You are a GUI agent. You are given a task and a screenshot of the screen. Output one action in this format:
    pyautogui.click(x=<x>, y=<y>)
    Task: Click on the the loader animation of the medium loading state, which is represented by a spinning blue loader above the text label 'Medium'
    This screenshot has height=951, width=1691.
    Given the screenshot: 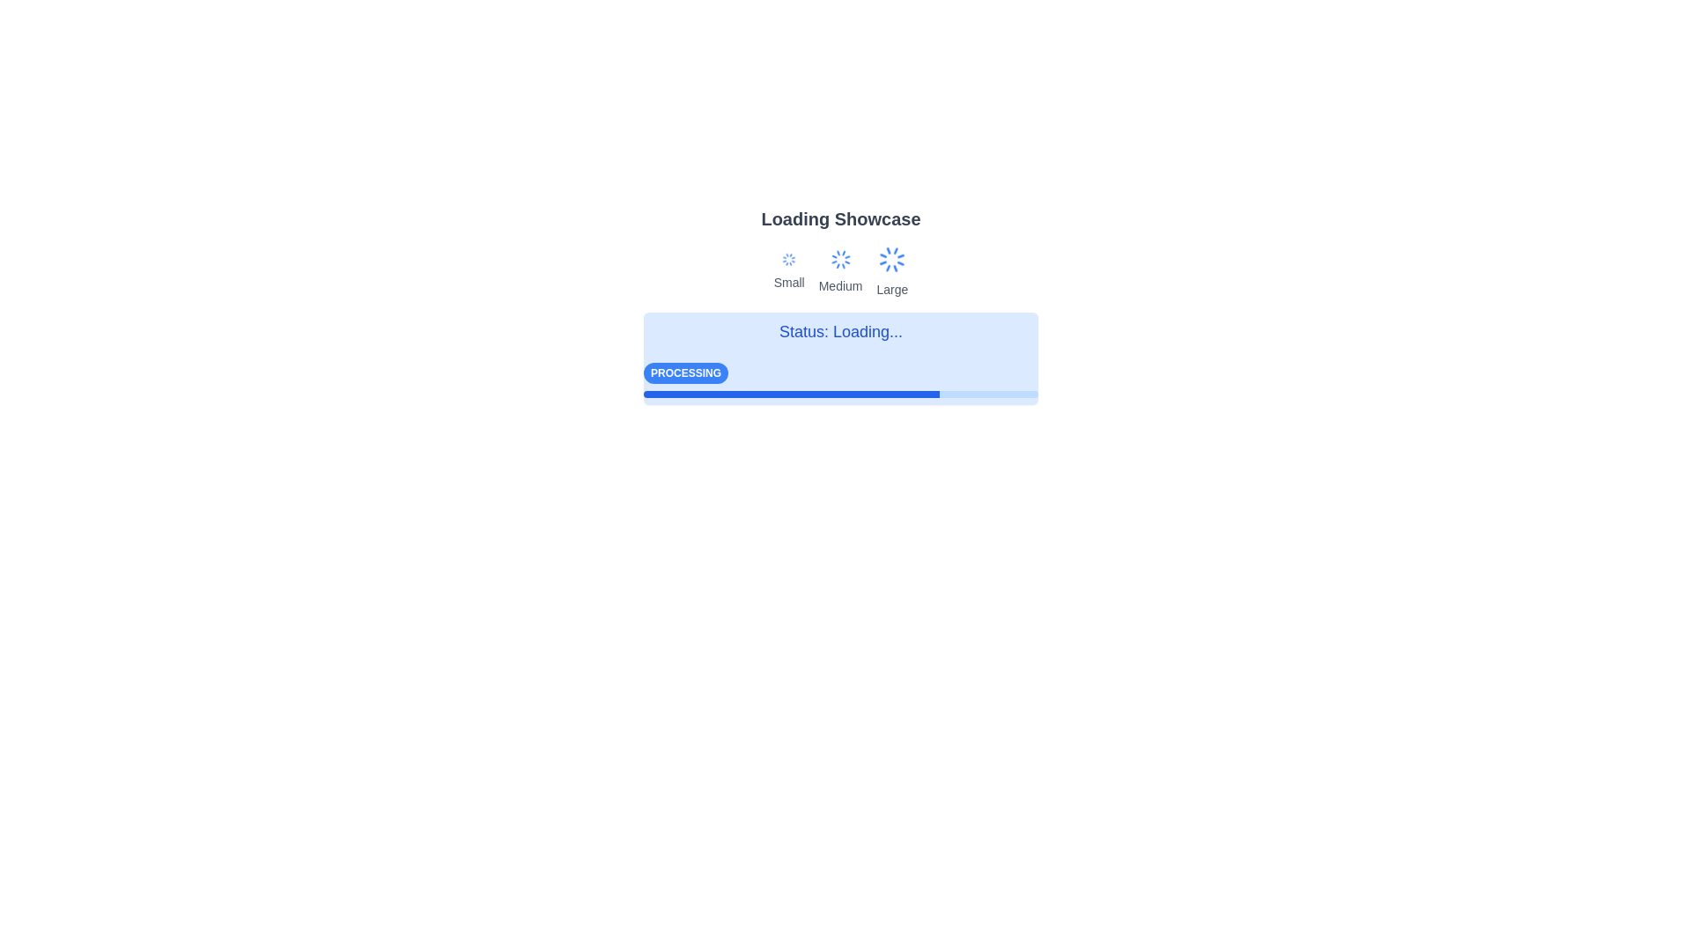 What is the action you would take?
    pyautogui.click(x=839, y=271)
    